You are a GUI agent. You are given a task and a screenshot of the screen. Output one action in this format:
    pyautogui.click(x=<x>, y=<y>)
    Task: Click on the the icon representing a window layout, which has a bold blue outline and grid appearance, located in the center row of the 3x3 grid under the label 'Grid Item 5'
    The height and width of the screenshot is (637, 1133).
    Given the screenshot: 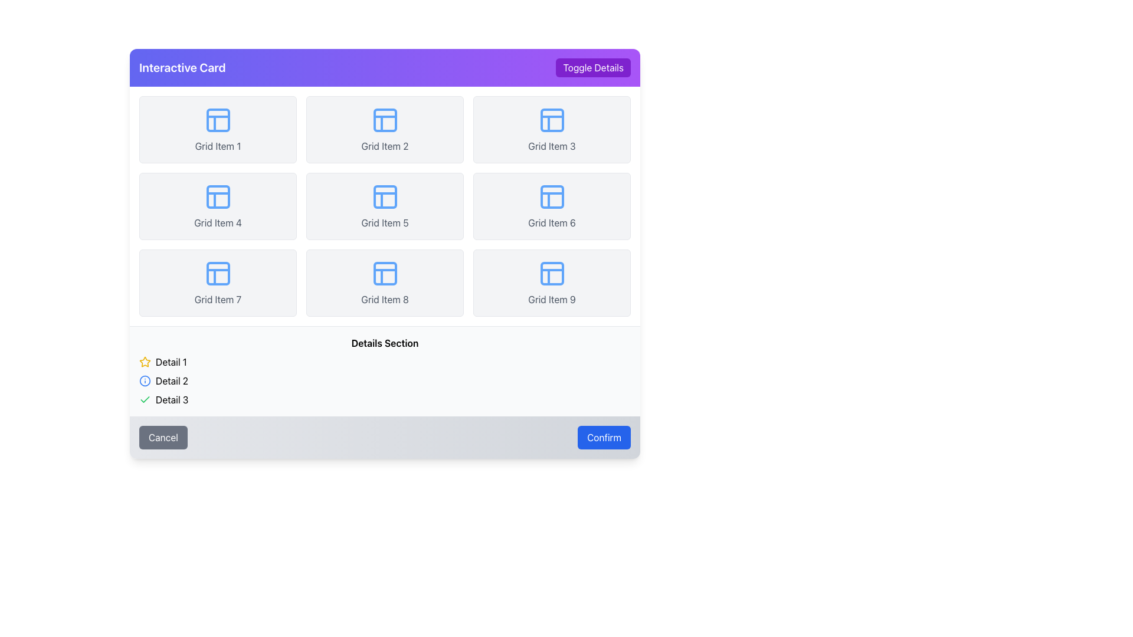 What is the action you would take?
    pyautogui.click(x=385, y=196)
    